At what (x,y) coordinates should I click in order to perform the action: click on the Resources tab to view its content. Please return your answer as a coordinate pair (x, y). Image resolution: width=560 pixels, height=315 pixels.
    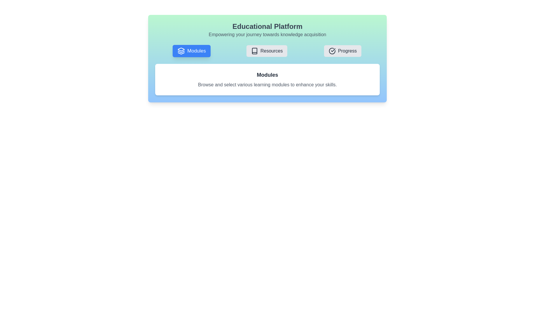
    Looking at the image, I should click on (267, 50).